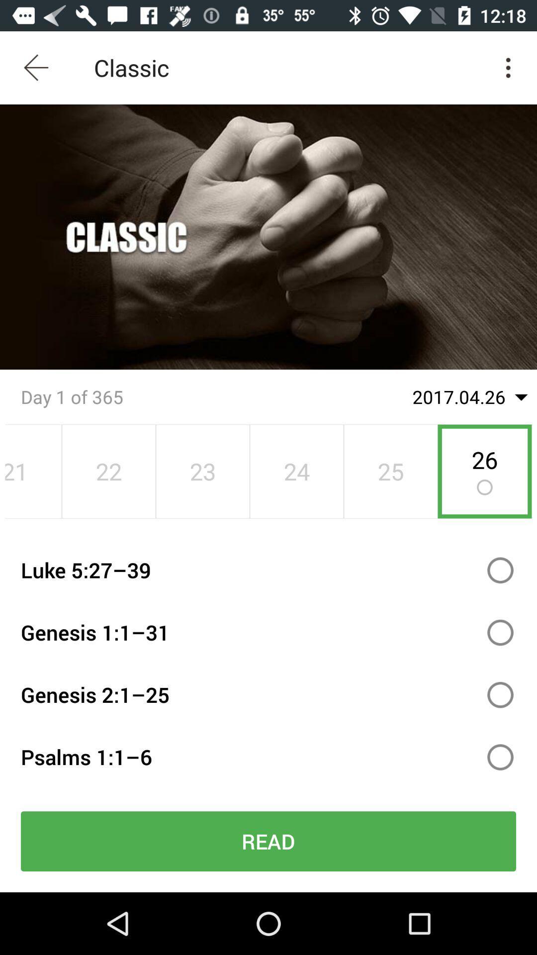 The image size is (537, 955). Describe the element at coordinates (500, 632) in the screenshot. I see `click on genesis 1:1-31 to select` at that location.